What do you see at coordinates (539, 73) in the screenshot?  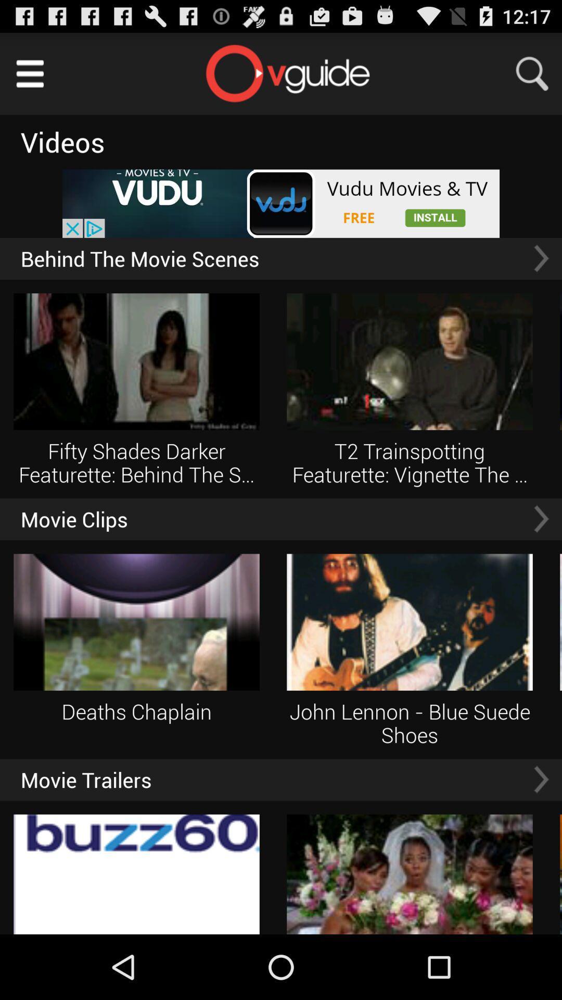 I see `search icon` at bounding box center [539, 73].